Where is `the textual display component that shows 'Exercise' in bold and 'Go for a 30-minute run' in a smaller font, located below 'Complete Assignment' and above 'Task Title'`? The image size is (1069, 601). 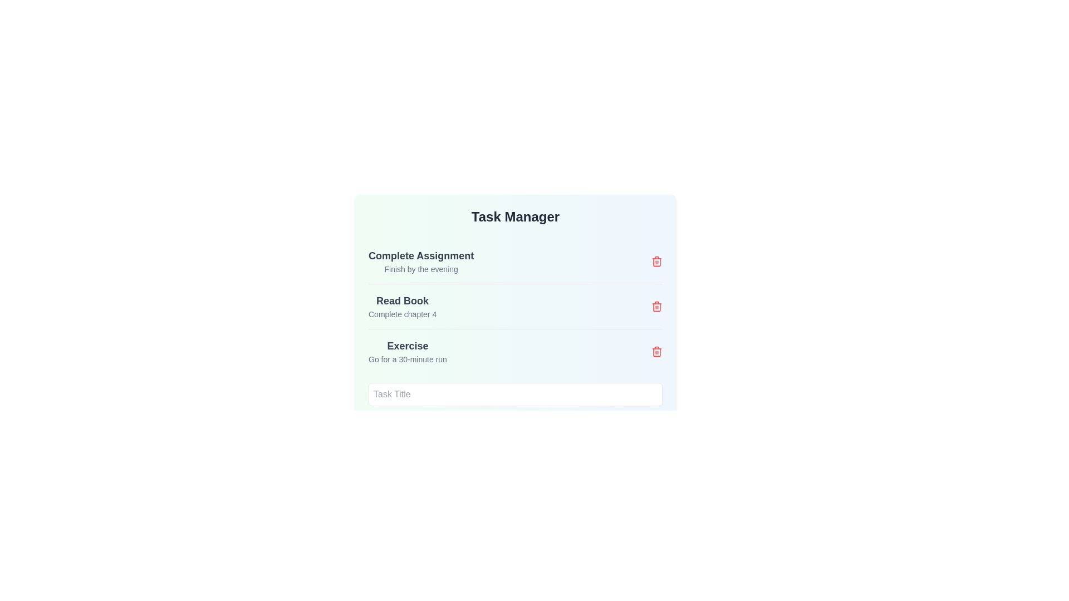
the textual display component that shows 'Exercise' in bold and 'Go for a 30-minute run' in a smaller font, located below 'Complete Assignment' and above 'Task Title' is located at coordinates (407, 352).